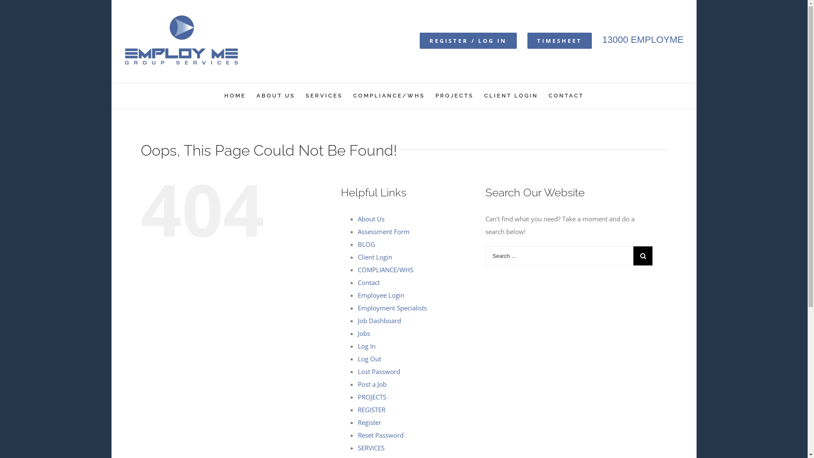 Image resolution: width=814 pixels, height=458 pixels. Describe the element at coordinates (527, 40) in the screenshot. I see `'TIMESHEET'` at that location.